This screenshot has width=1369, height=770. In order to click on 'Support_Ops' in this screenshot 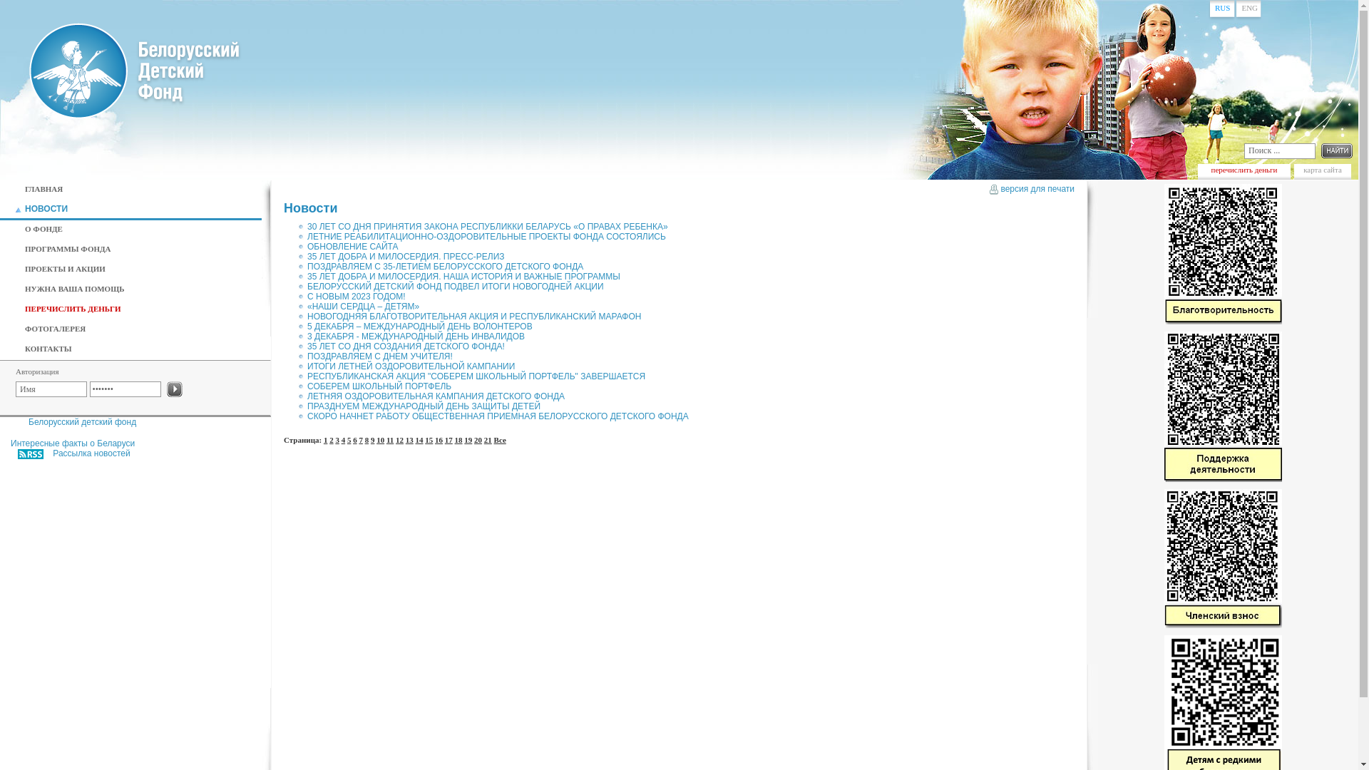, I will do `click(1221, 482)`.